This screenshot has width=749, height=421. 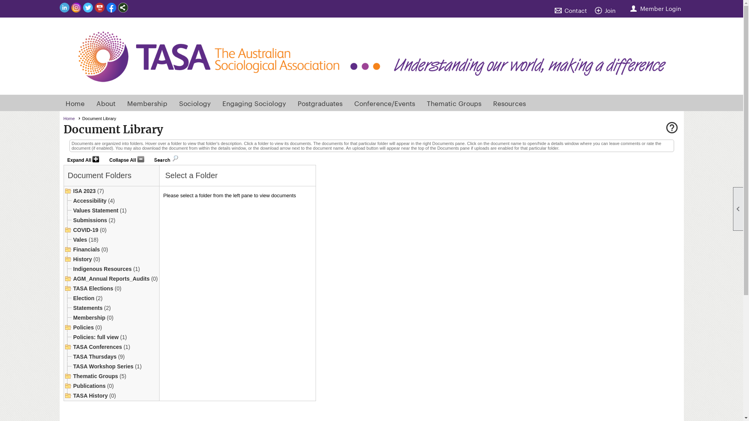 I want to click on 'Visit us on Instagram', so click(x=76, y=8).